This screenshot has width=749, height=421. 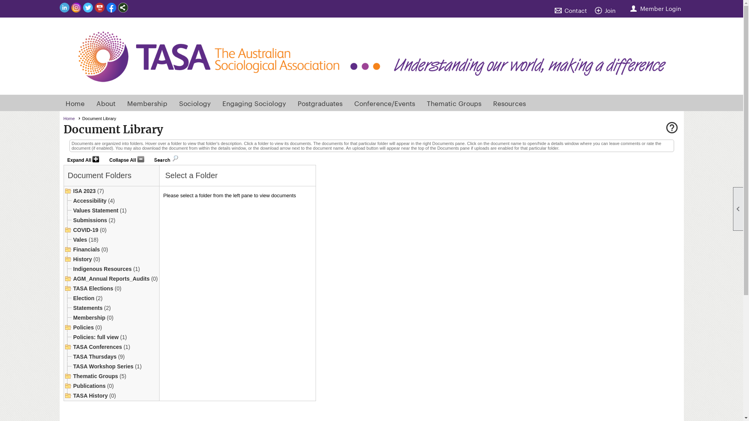 I want to click on 'Visit us on Instagram', so click(x=76, y=8).